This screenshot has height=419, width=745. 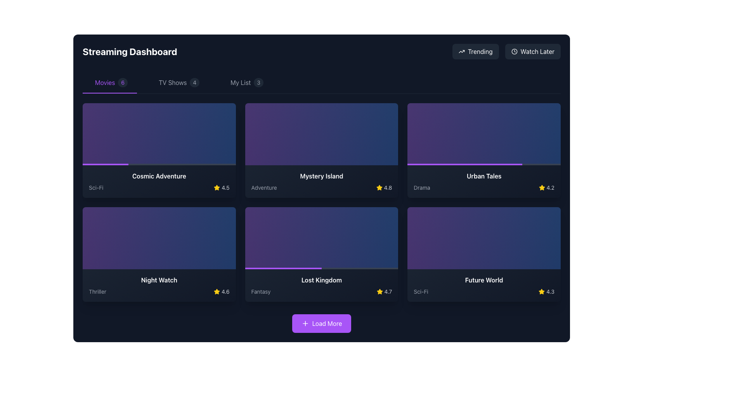 What do you see at coordinates (421, 187) in the screenshot?
I see `text of the genre label located at the bottom of the 'Urban Tales' tile in the grid of content cards, positioned above the rating section` at bounding box center [421, 187].